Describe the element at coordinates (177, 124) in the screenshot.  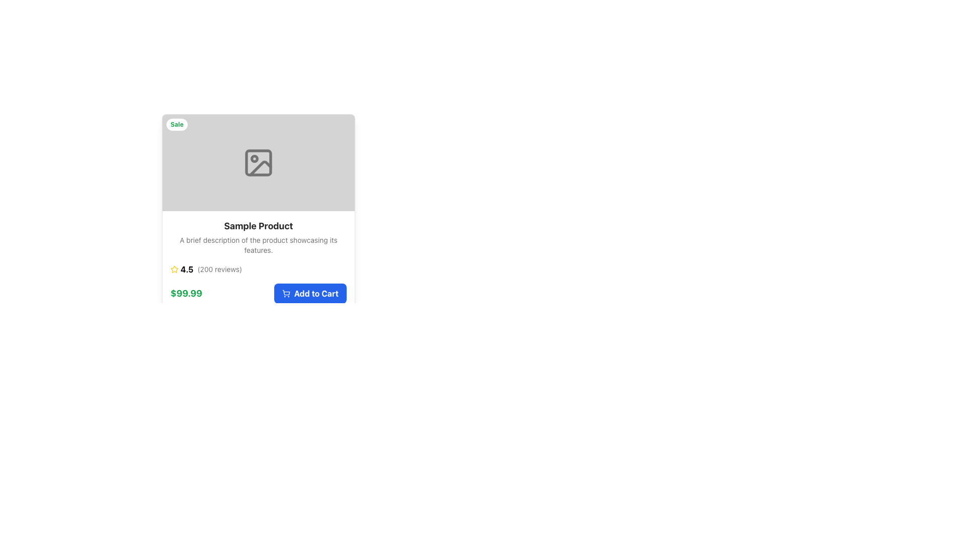
I see `the small, rounded white badge with 'Sale' written in bold, green font, located at the top-left corner of the product display card` at that location.